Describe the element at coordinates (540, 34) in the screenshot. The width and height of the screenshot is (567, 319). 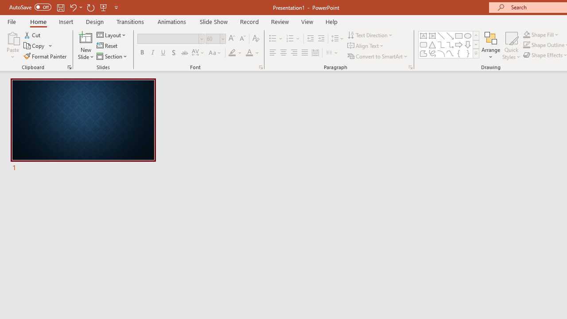
I see `'Shape Fill'` at that location.